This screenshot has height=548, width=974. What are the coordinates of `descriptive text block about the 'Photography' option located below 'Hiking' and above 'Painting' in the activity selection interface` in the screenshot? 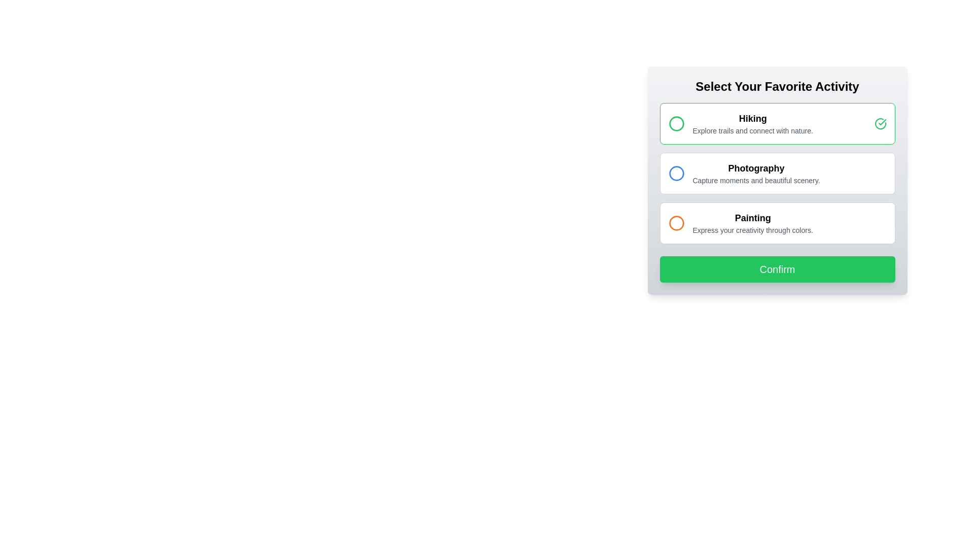 It's located at (756, 173).